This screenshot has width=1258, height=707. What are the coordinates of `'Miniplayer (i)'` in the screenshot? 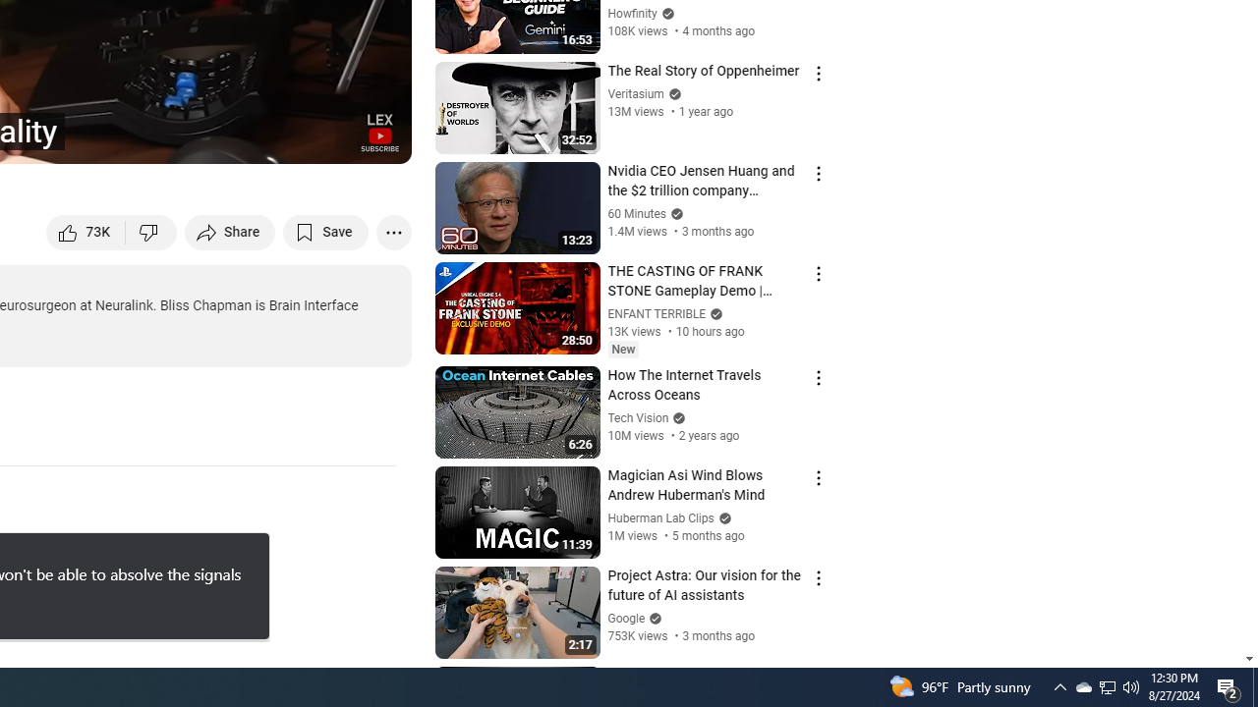 It's located at (280, 138).